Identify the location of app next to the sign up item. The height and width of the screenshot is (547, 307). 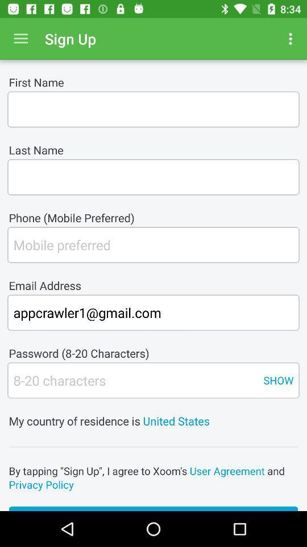
(20, 39).